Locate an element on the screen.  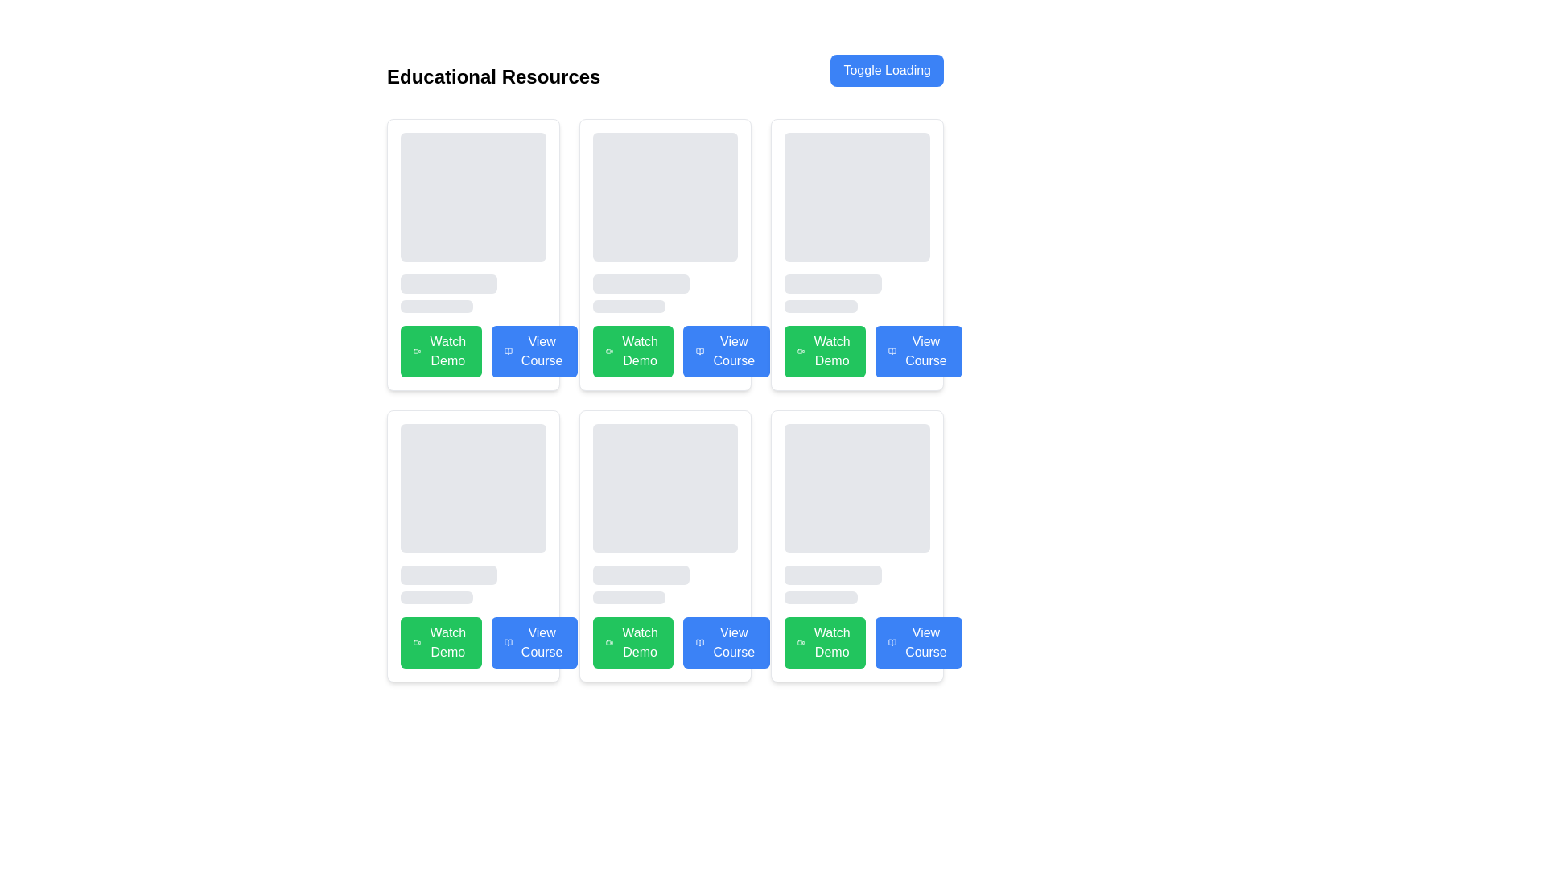
the video-related icon located on the left side of the 'Watch Demo' green button in the third card of the top row of the cards grid is located at coordinates (801, 350).